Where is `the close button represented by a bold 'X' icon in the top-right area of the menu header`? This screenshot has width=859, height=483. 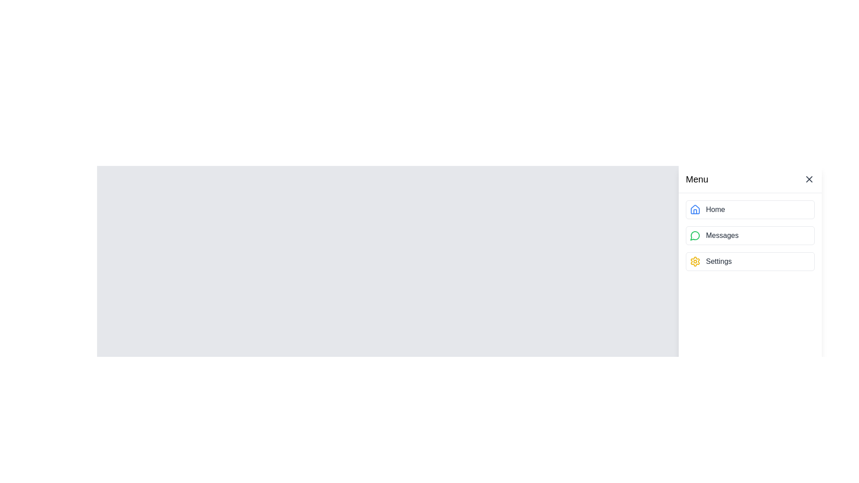
the close button represented by a bold 'X' icon in the top-right area of the menu header is located at coordinates (809, 179).